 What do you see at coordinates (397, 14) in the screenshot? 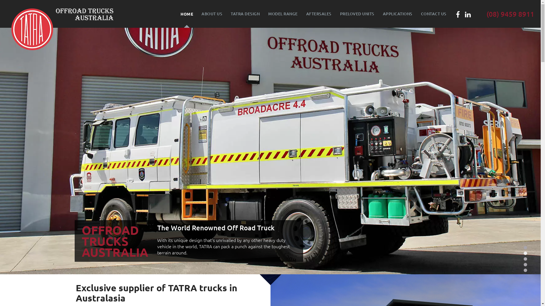
I see `'APPLICATIONS'` at bounding box center [397, 14].